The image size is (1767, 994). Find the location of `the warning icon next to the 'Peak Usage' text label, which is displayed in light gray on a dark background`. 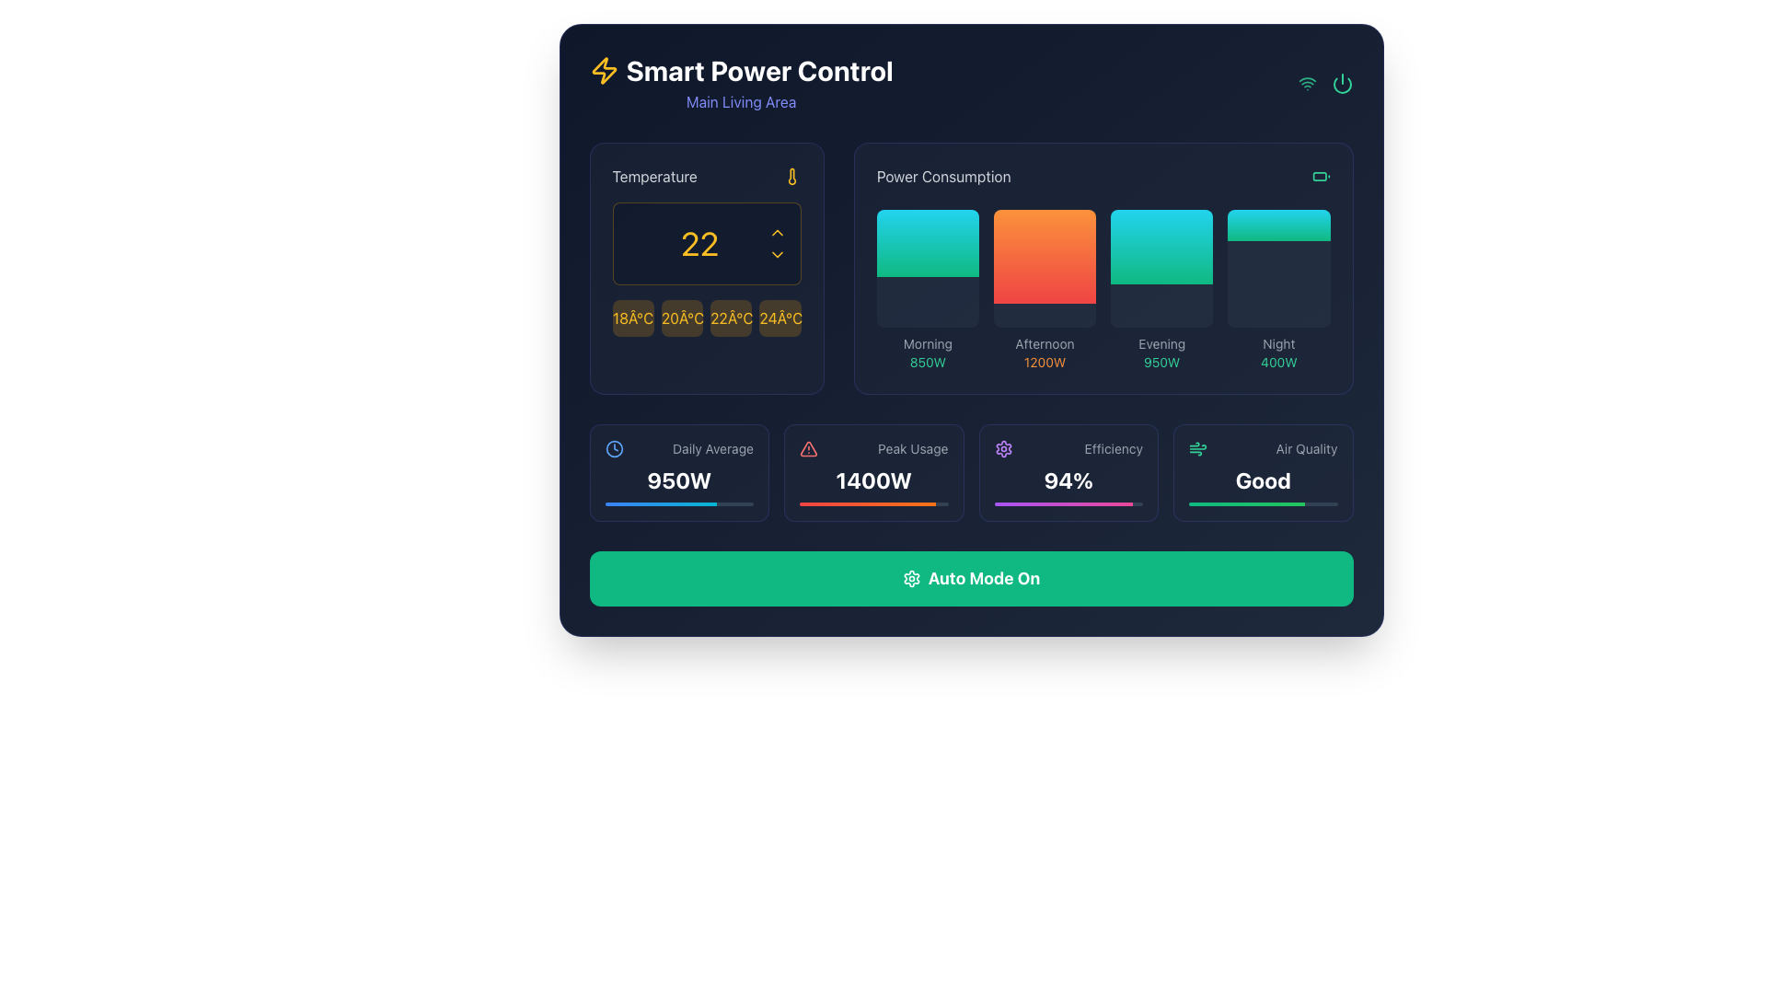

the warning icon next to the 'Peak Usage' text label, which is displayed in light gray on a dark background is located at coordinates (872, 449).